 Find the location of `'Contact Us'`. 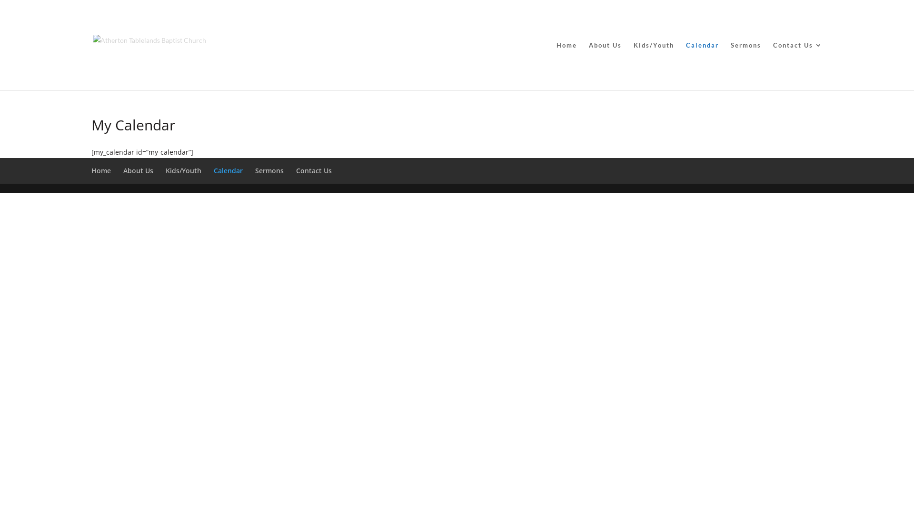

'Contact Us' is located at coordinates (797, 65).